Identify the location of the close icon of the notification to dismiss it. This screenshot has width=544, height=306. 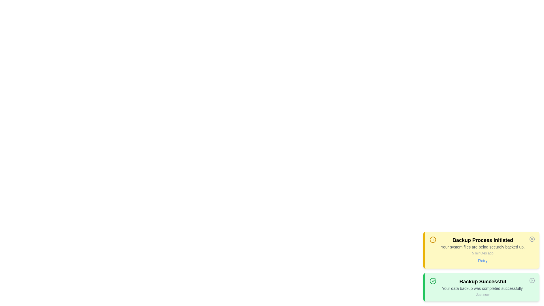
(532, 239).